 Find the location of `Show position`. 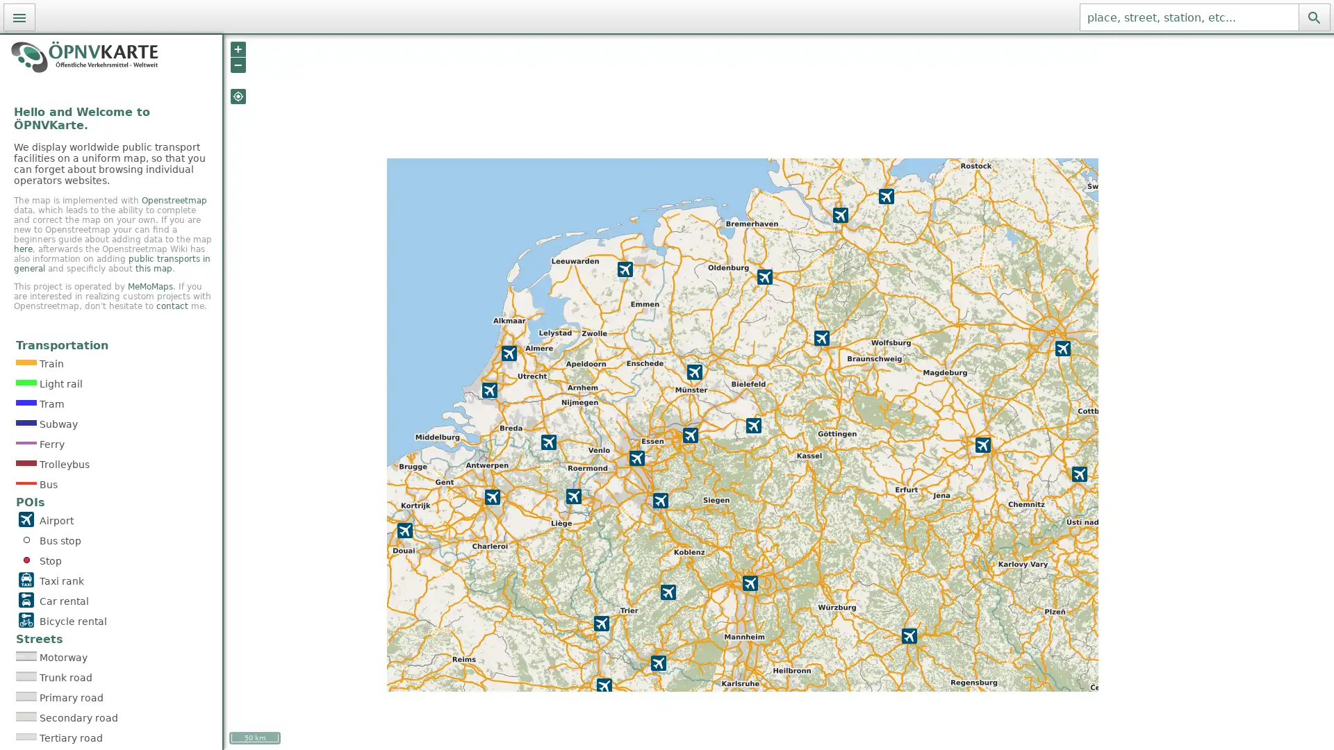

Show position is located at coordinates (238, 95).